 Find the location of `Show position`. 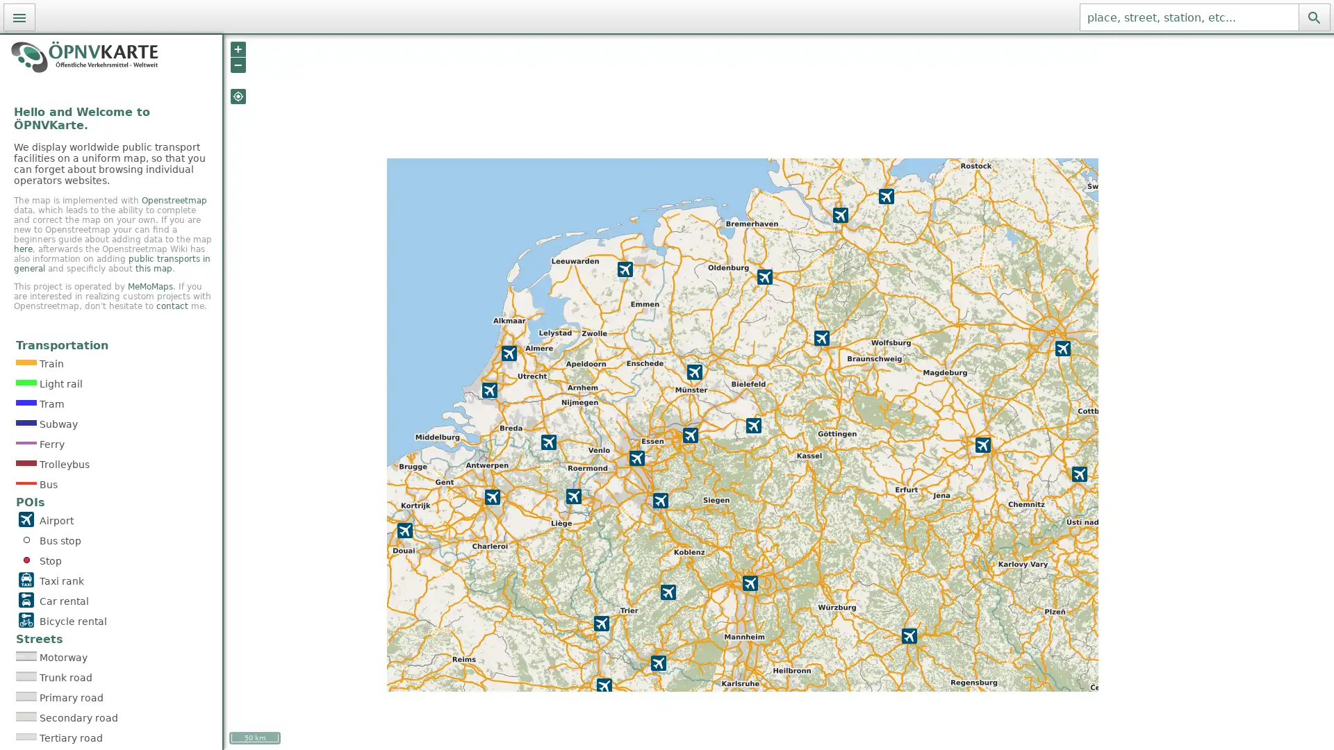

Show position is located at coordinates (238, 95).